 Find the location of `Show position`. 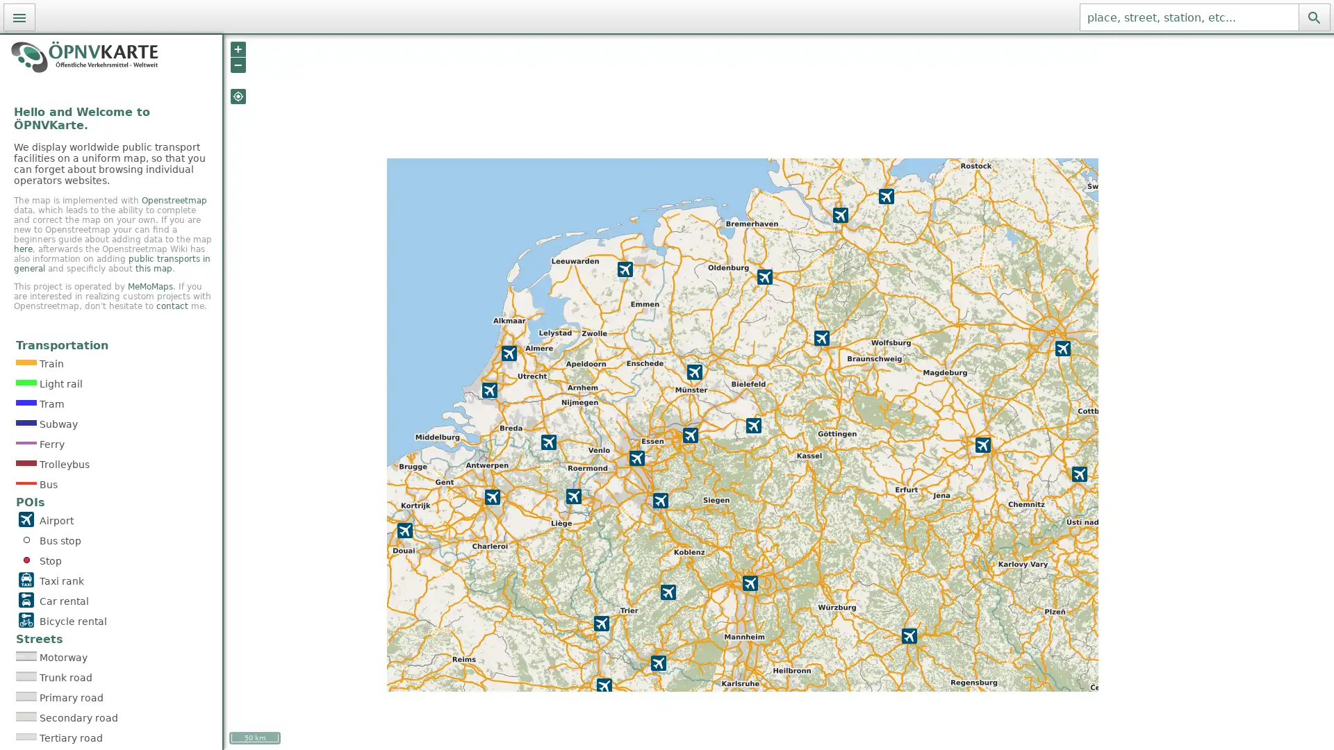

Show position is located at coordinates (238, 95).